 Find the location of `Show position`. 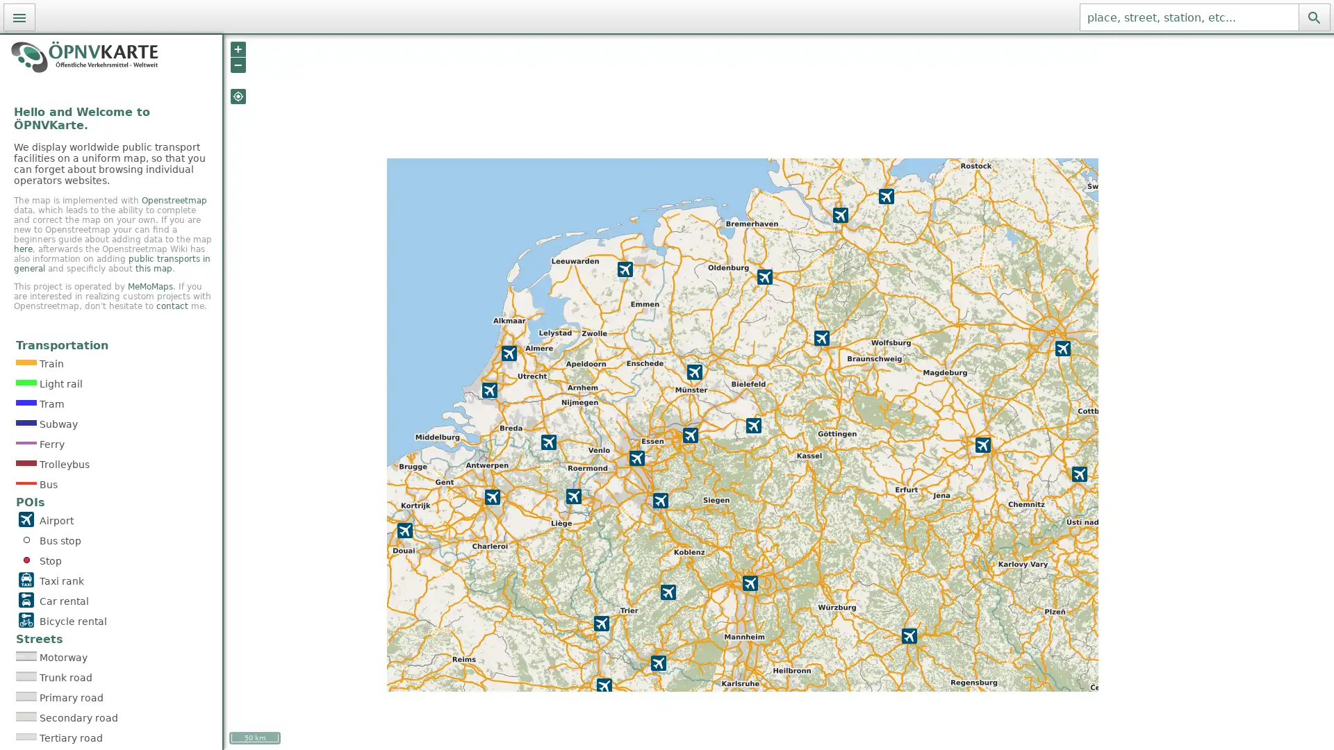

Show position is located at coordinates (238, 95).